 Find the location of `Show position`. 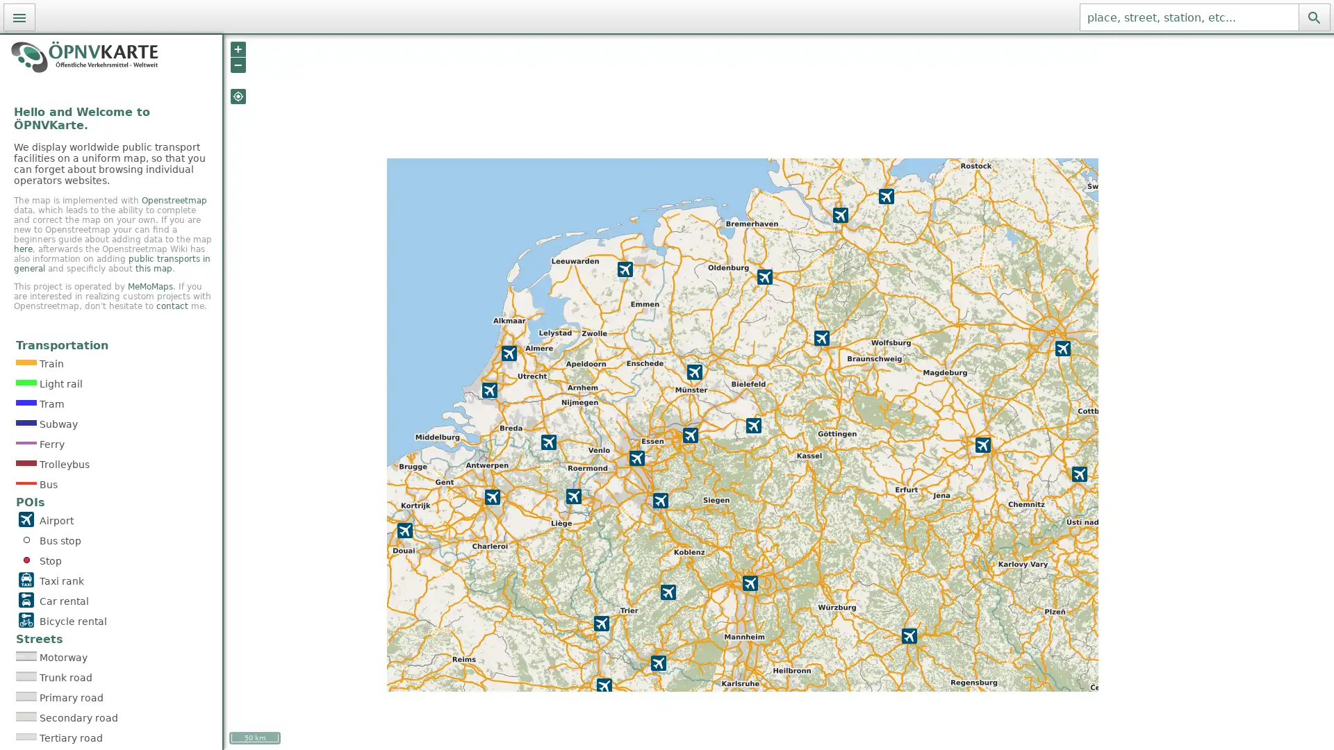

Show position is located at coordinates (238, 95).